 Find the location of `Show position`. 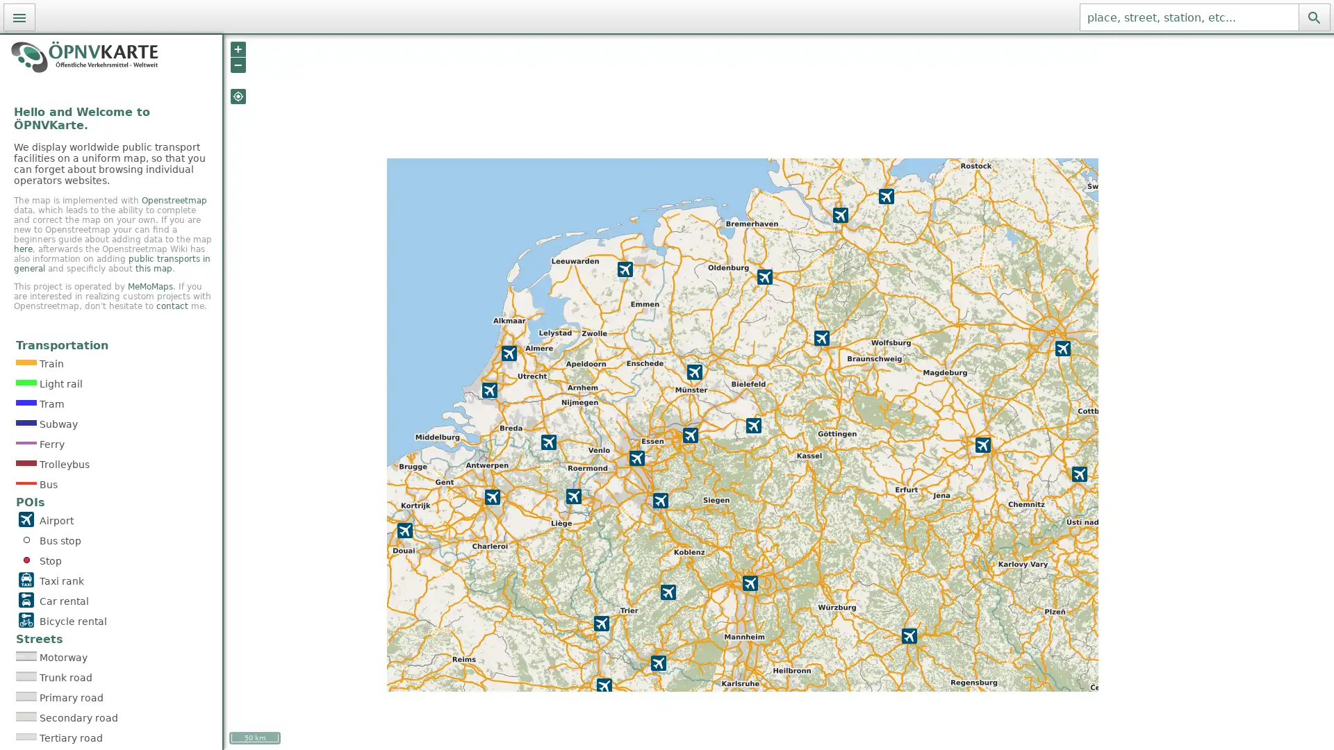

Show position is located at coordinates (238, 95).